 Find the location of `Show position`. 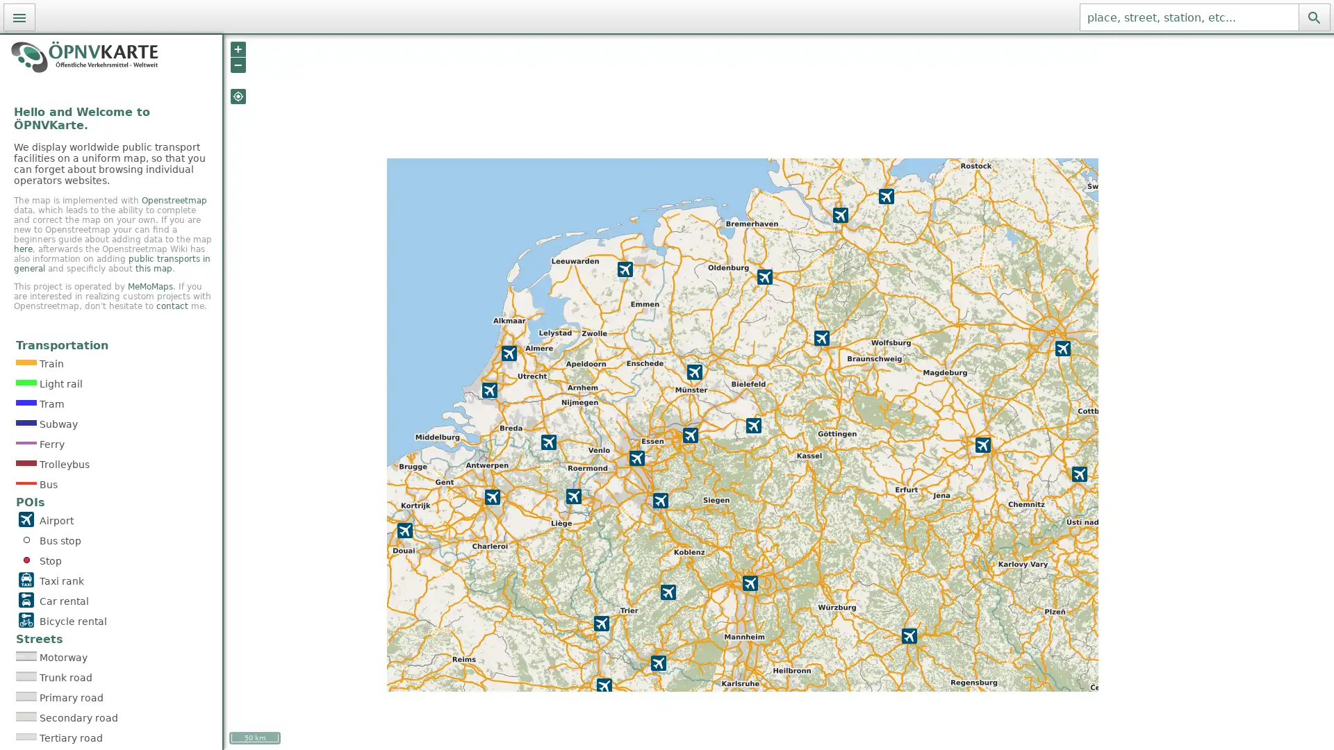

Show position is located at coordinates (238, 95).